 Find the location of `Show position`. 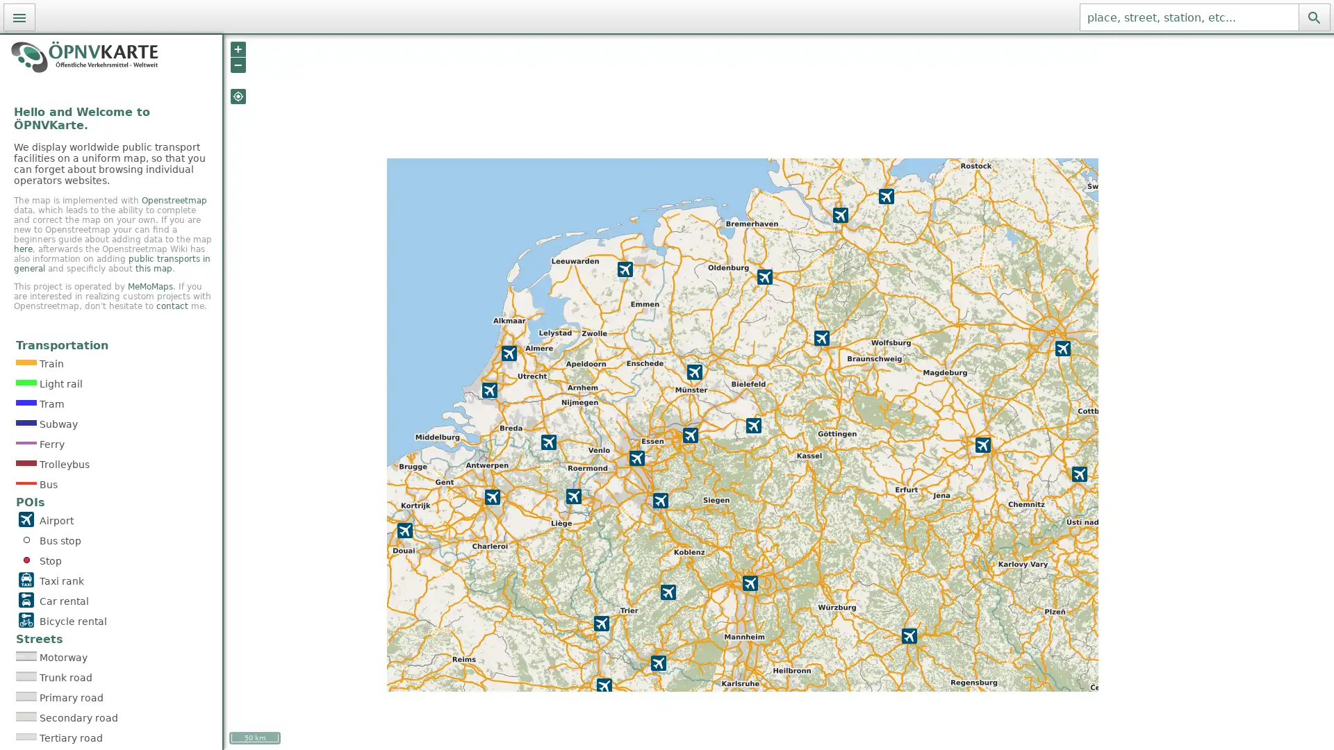

Show position is located at coordinates (238, 95).